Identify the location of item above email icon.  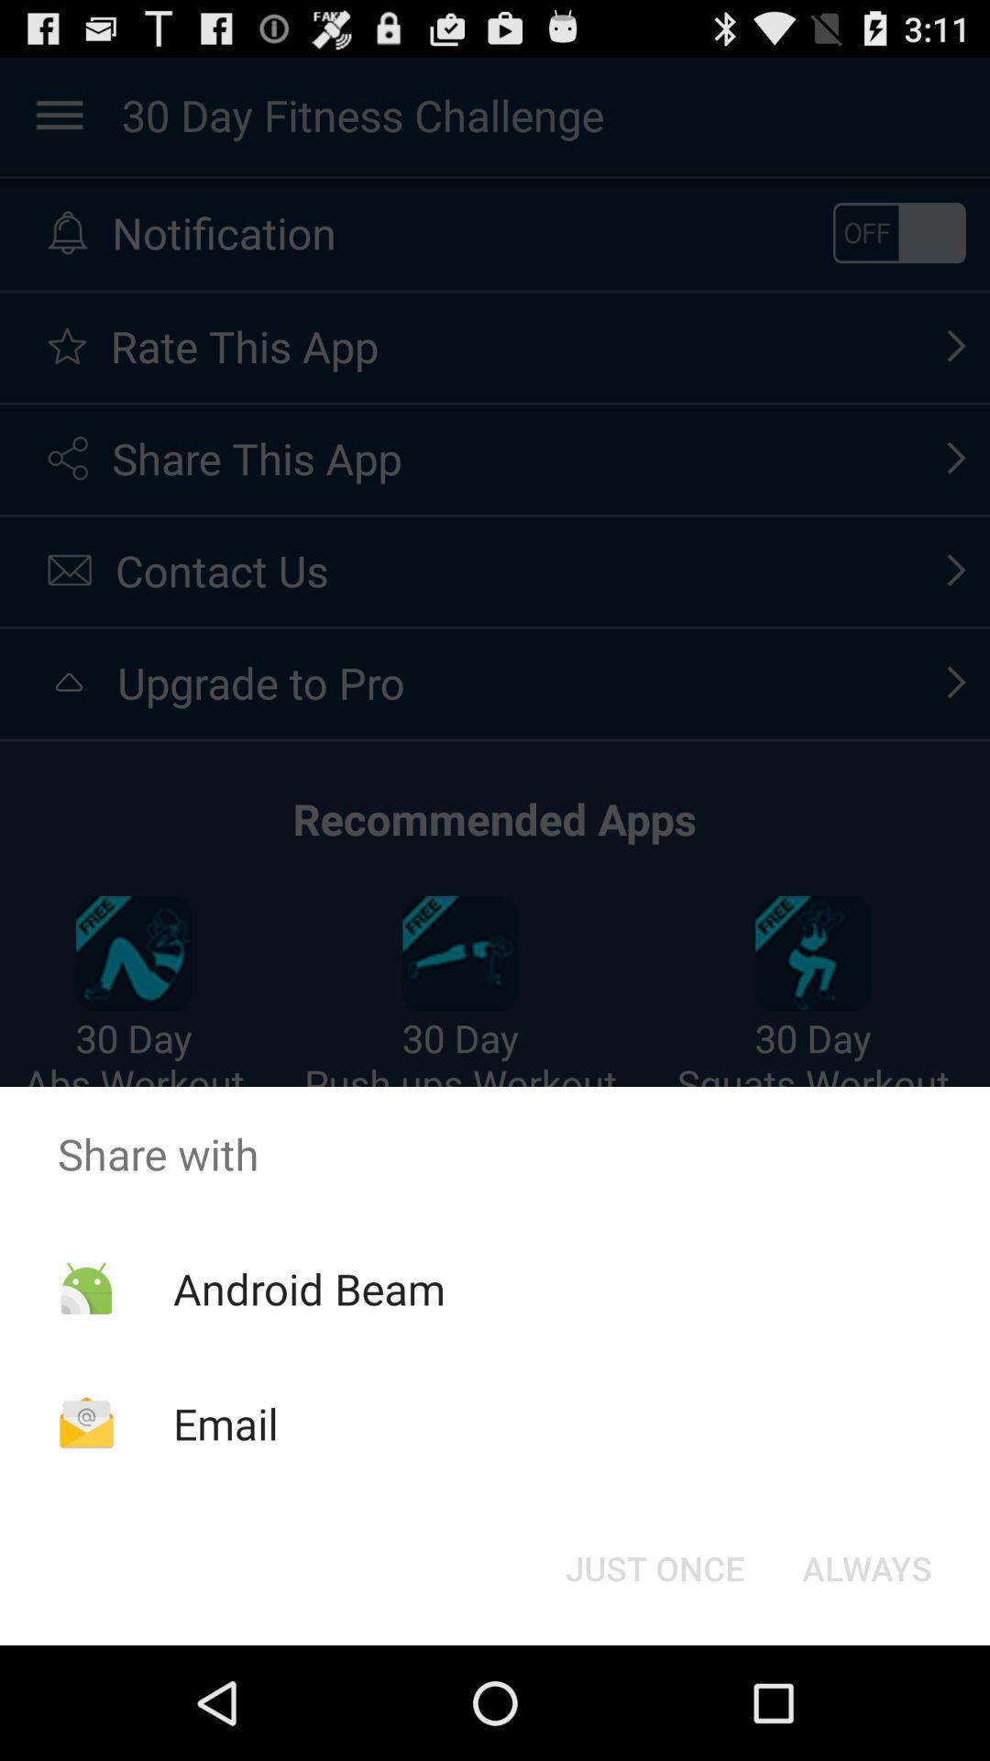
(308, 1288).